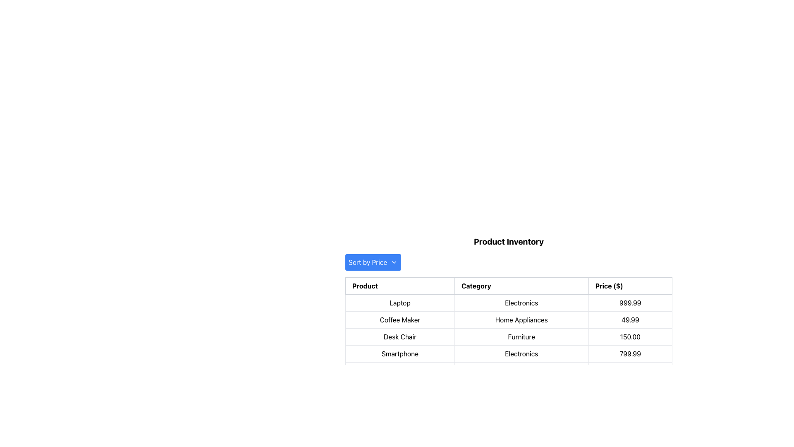 The image size is (794, 447). I want to click on the fourth row in the product inventory table that displays information about the product 'Smartphone', categorized under 'Electronics' and priced at $799.99, so click(508, 354).